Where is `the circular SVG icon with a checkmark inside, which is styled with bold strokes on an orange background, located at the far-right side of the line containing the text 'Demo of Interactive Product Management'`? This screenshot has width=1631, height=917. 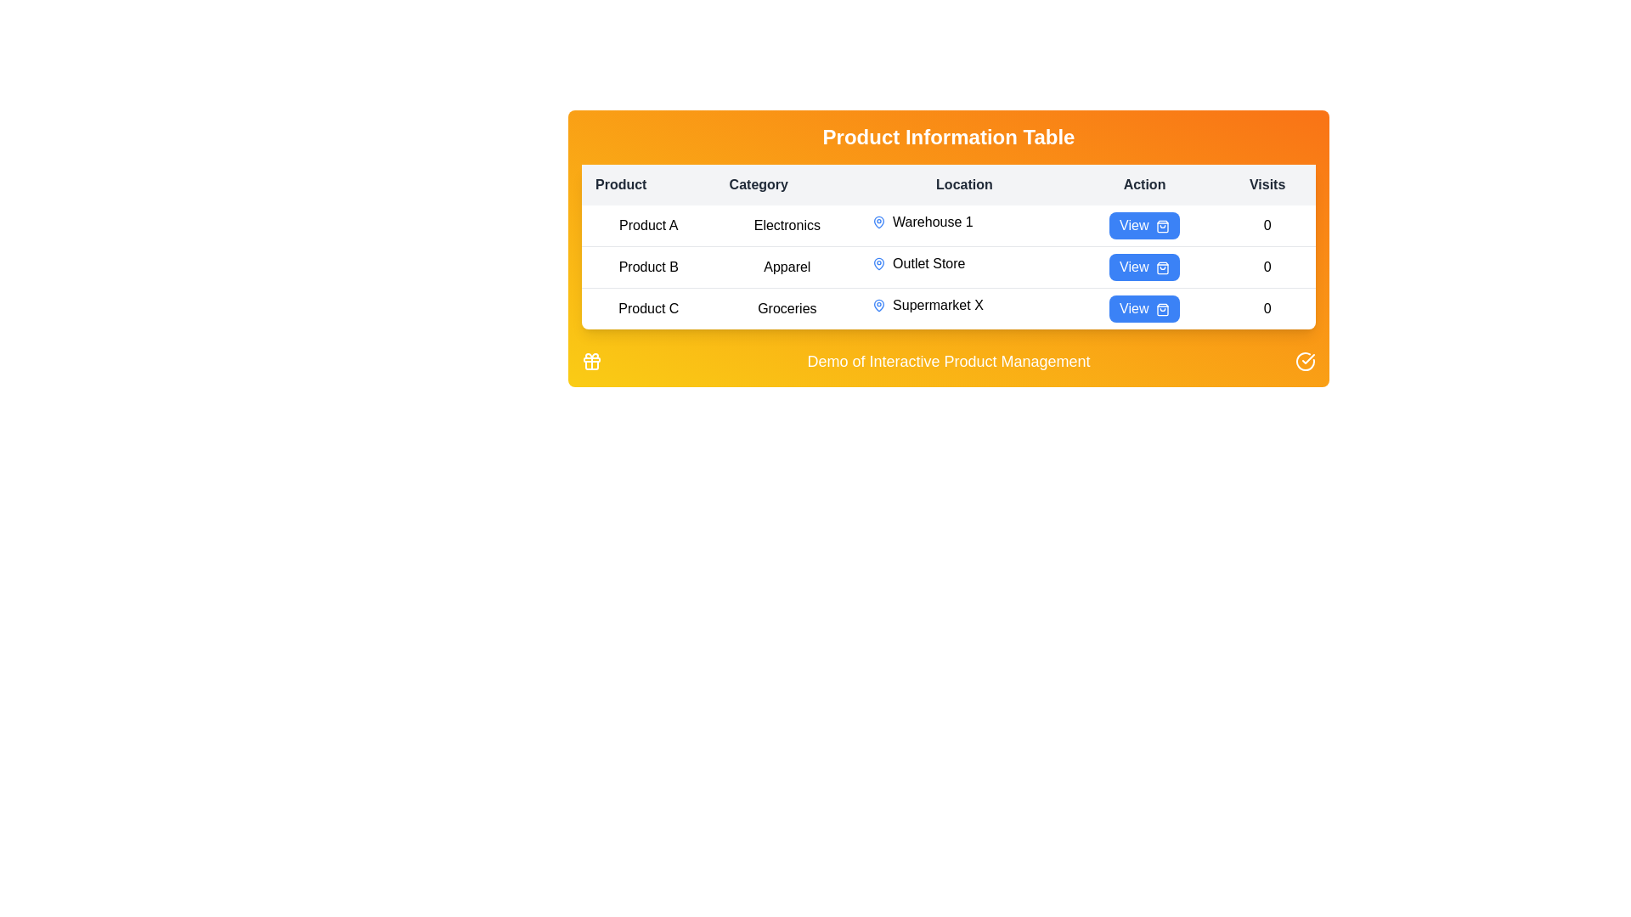
the circular SVG icon with a checkmark inside, which is styled with bold strokes on an orange background, located at the far-right side of the line containing the text 'Demo of Interactive Product Management' is located at coordinates (1304, 360).